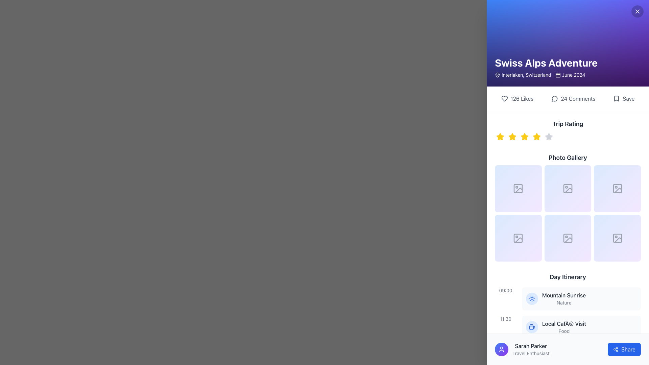  Describe the element at coordinates (617, 189) in the screenshot. I see `the graphical placeholder button located` at that location.